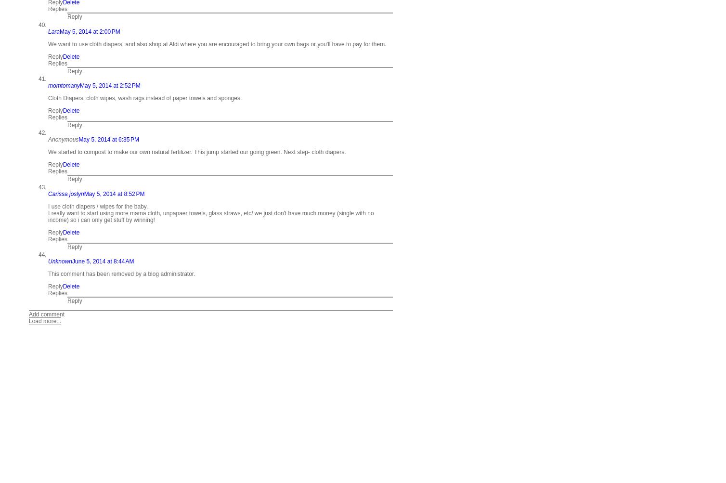  I want to click on 'Lara', so click(48, 31).